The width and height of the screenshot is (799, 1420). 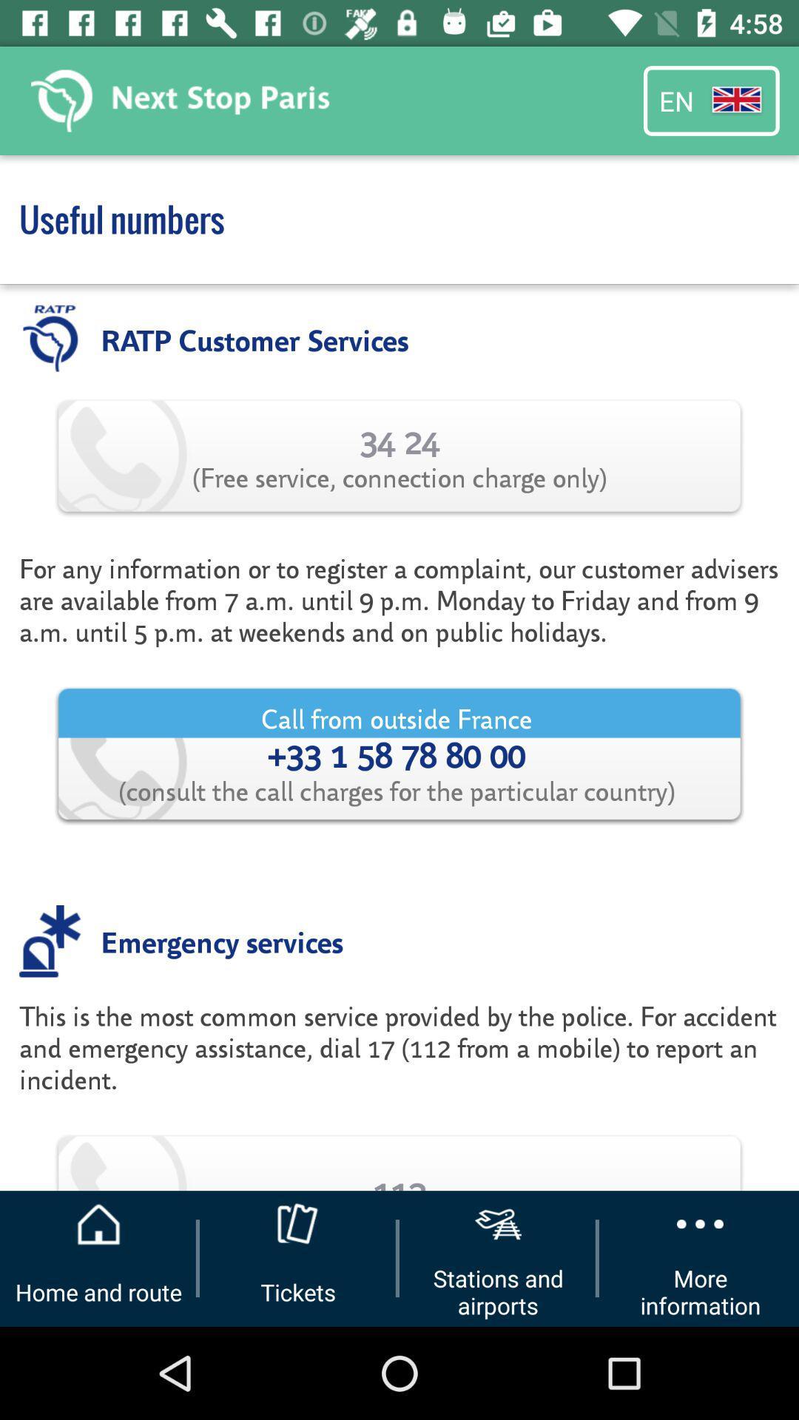 I want to click on the call from outside app, so click(x=399, y=754).